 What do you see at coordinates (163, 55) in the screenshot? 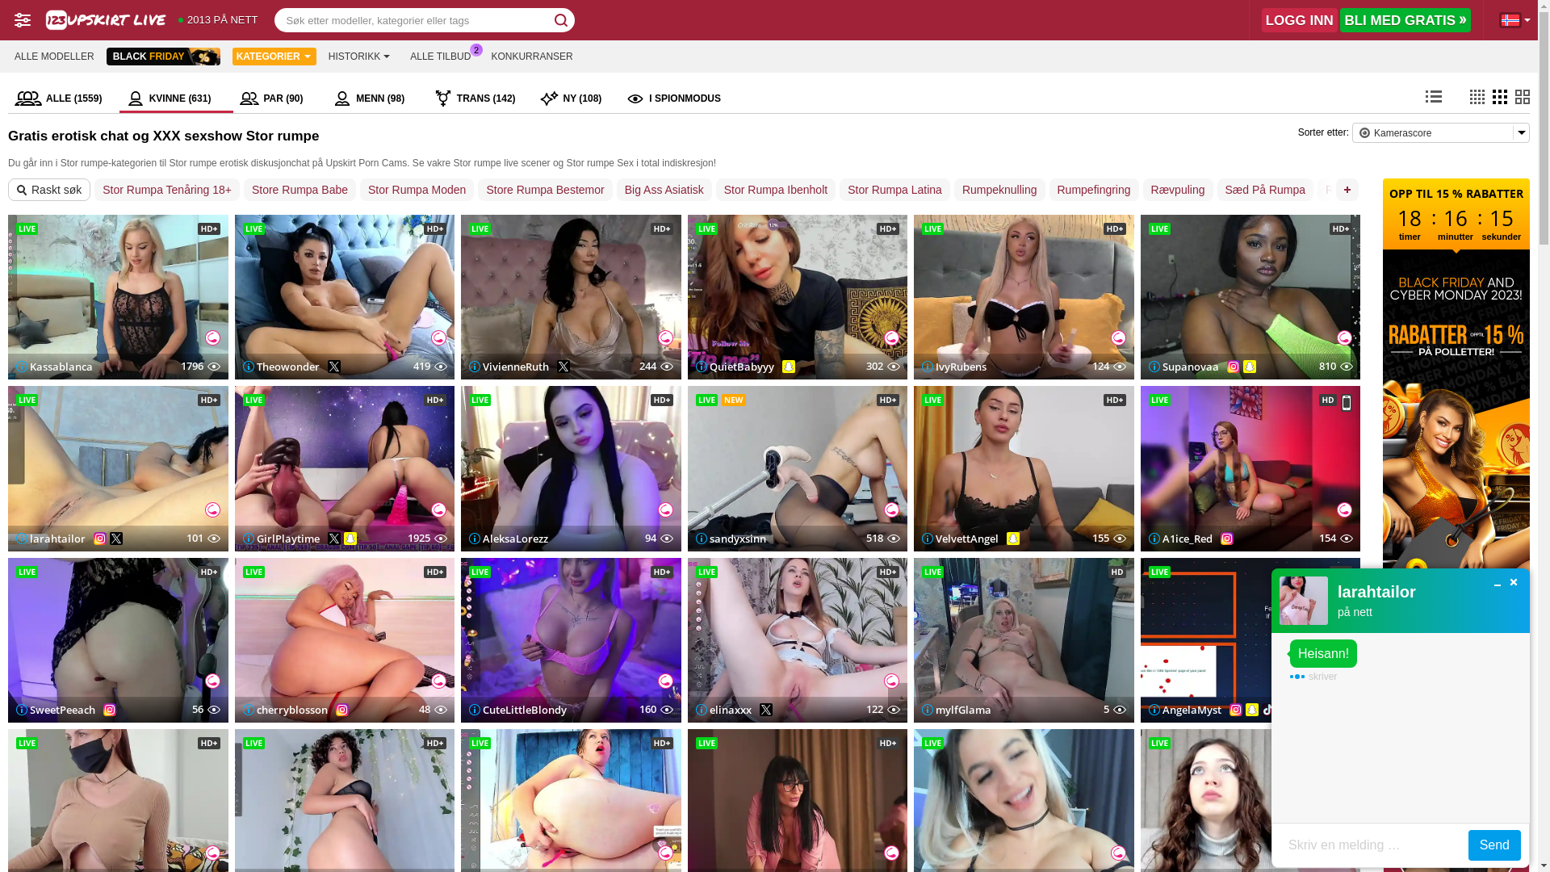
I see `'BLACK FRIDAY'` at bounding box center [163, 55].